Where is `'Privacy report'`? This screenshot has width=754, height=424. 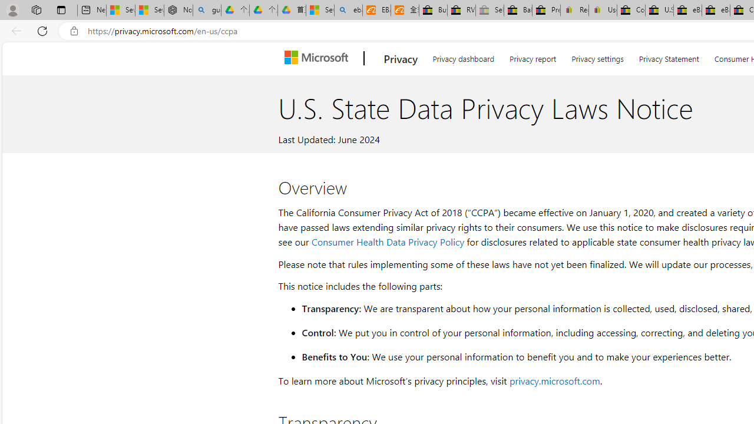 'Privacy report' is located at coordinates (532, 57).